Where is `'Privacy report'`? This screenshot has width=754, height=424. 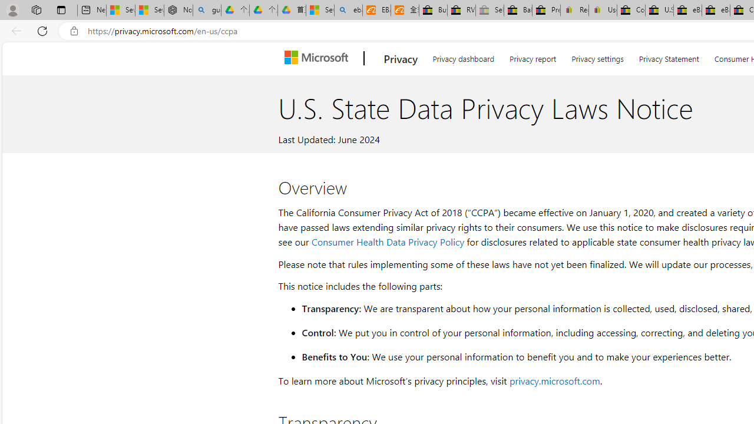 'Privacy report' is located at coordinates (532, 57).